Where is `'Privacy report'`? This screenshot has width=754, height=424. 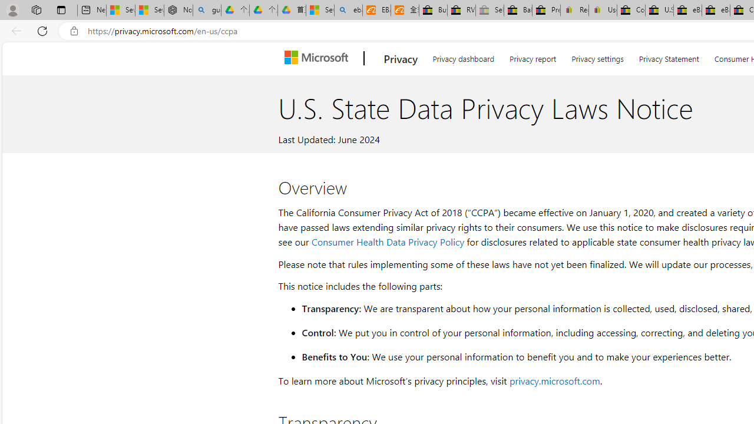 'Privacy report' is located at coordinates (532, 57).